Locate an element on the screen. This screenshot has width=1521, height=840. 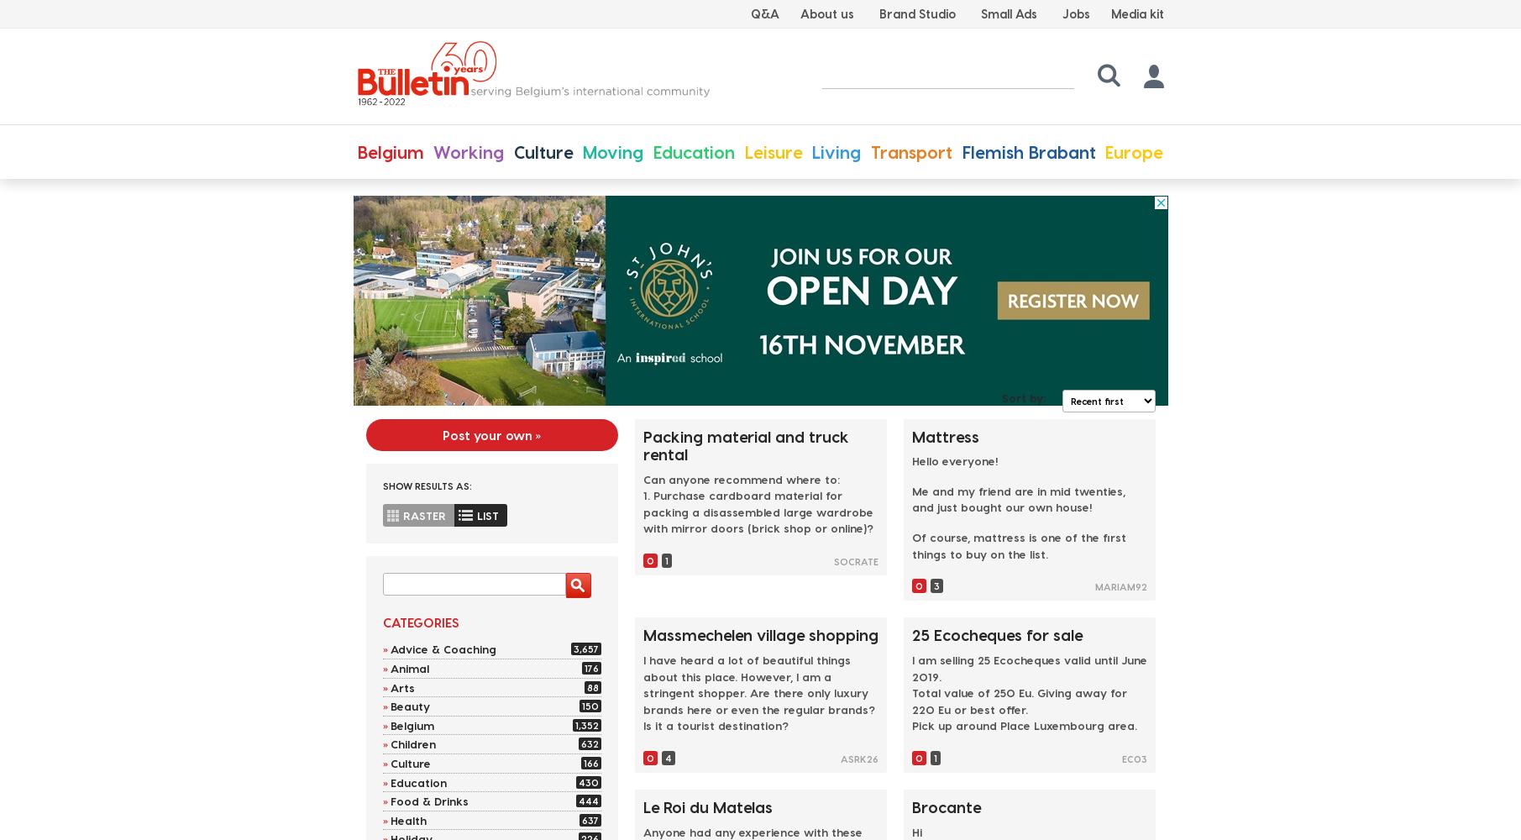
'Europe' is located at coordinates (1133, 151).